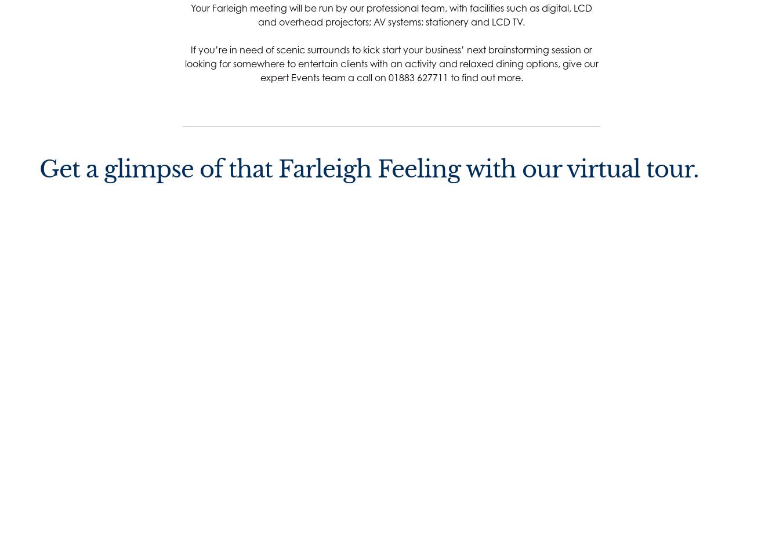  Describe the element at coordinates (223, 329) in the screenshot. I see `'Follow Us'` at that location.